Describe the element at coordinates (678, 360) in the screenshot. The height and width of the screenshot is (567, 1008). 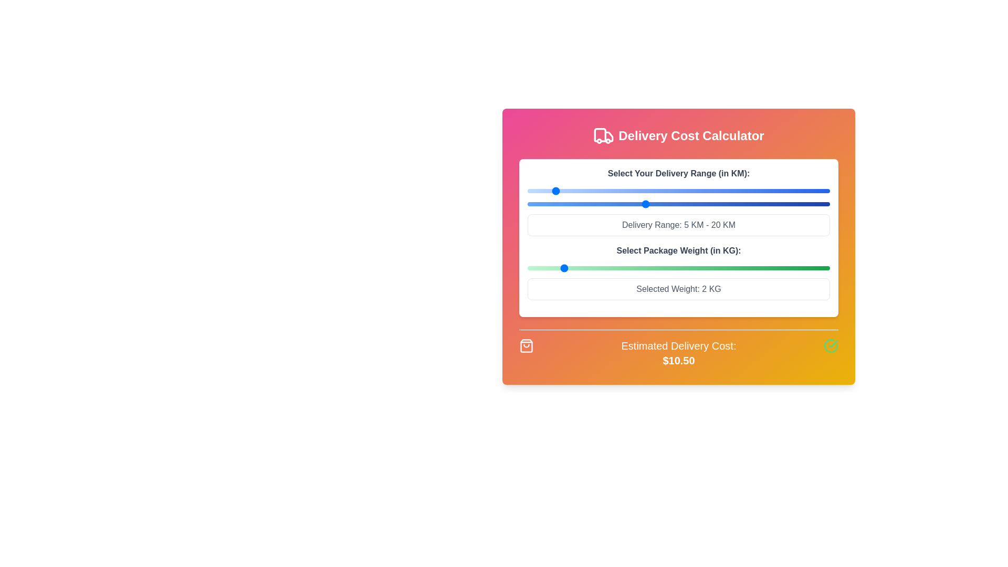
I see `the Text Label that displays the calculated delivery cost, located at the lower central region of the interface, directly below the 'Estimated Delivery Cost:' label` at that location.